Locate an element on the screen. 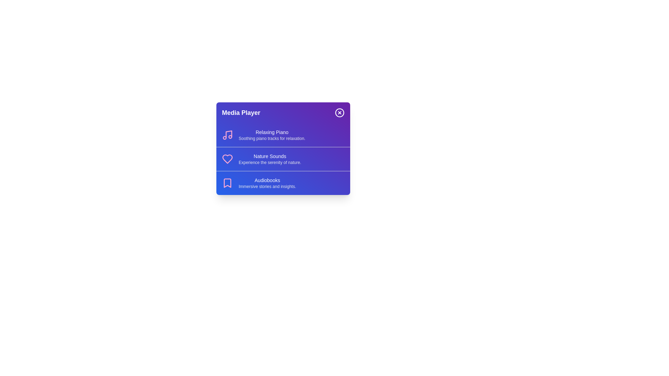 Image resolution: width=669 pixels, height=376 pixels. the icon associated with Nature Sounds is located at coordinates (227, 159).